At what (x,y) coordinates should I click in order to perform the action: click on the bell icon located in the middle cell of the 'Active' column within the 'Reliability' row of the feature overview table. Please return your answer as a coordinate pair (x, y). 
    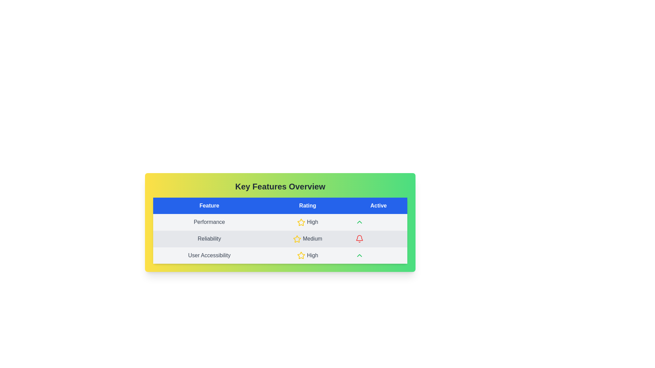
    Looking at the image, I should click on (359, 239).